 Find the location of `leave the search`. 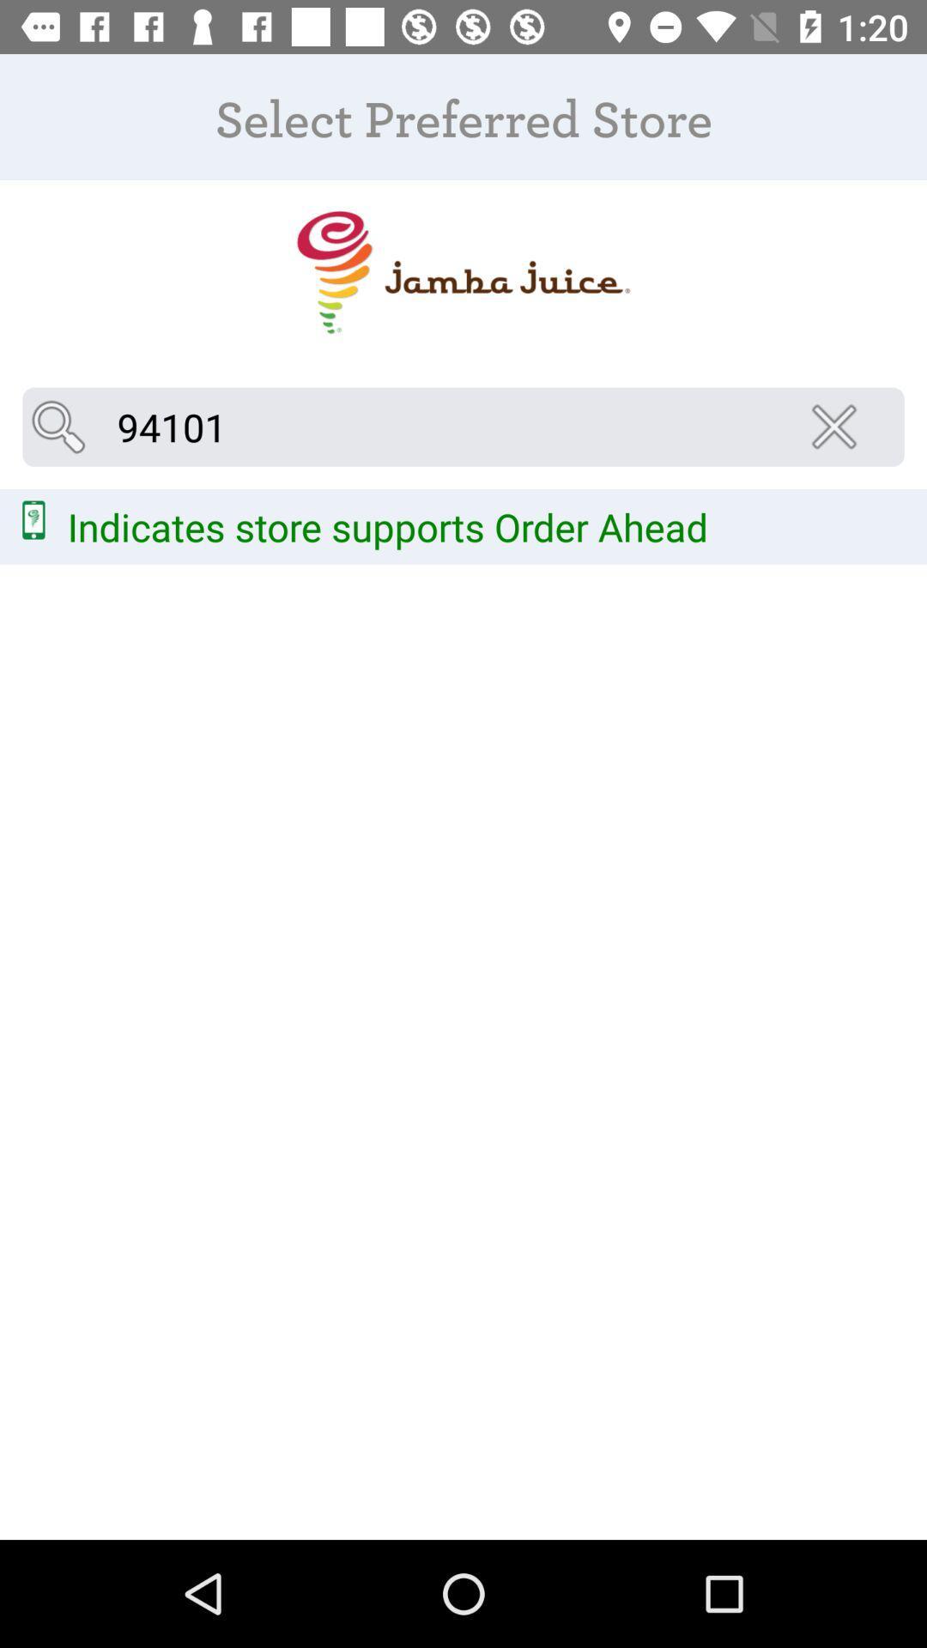

leave the search is located at coordinates (839, 427).